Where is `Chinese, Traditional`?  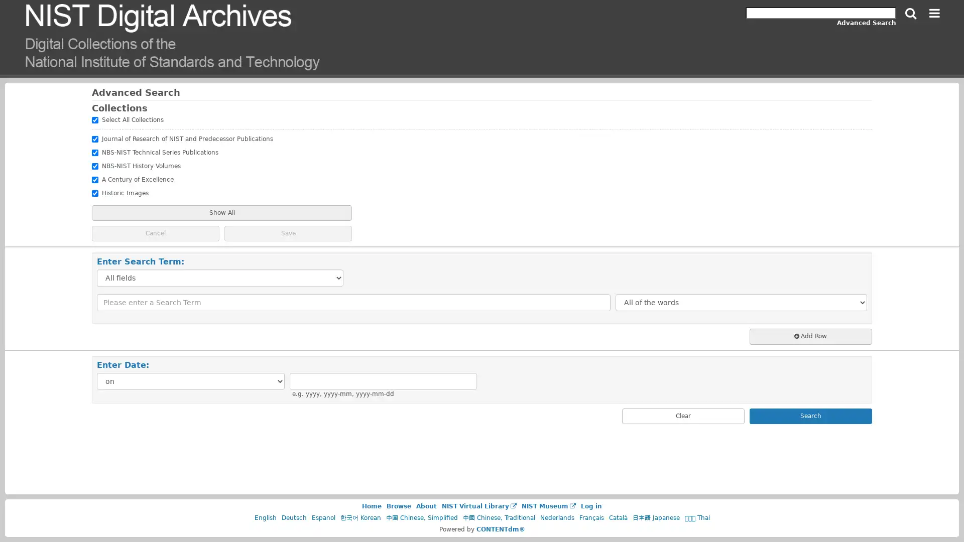
Chinese, Traditional is located at coordinates (499, 518).